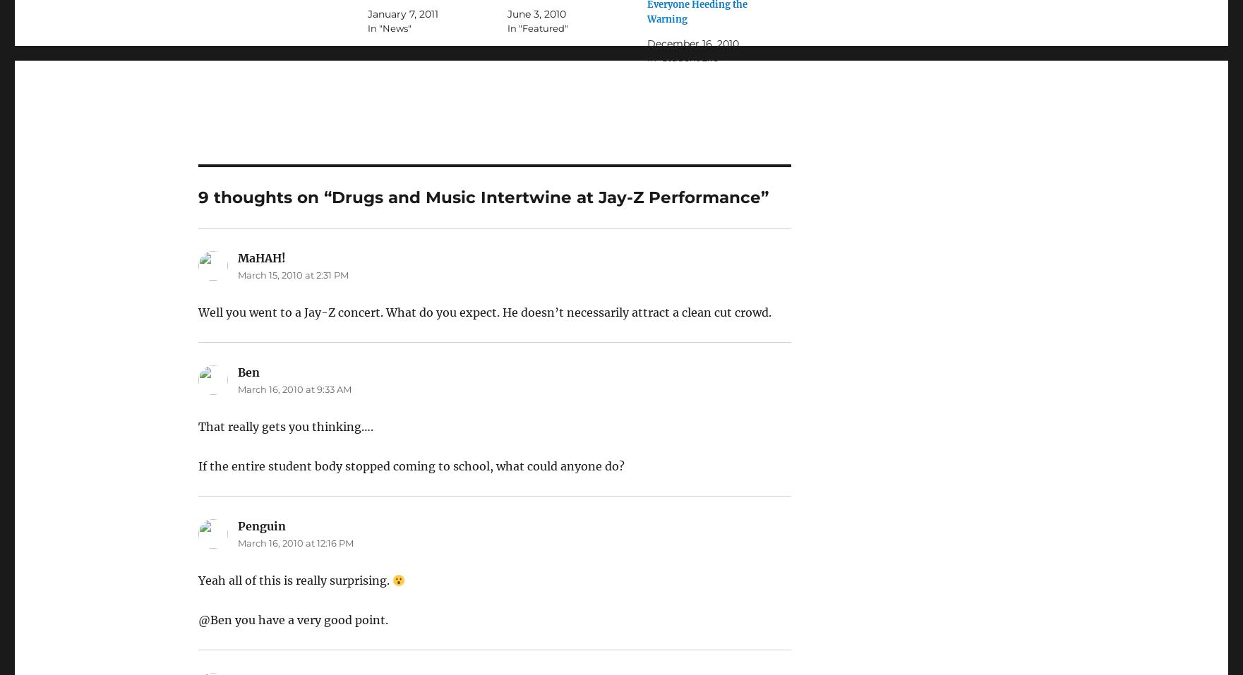 The height and width of the screenshot is (675, 1243). Describe the element at coordinates (294, 542) in the screenshot. I see `'March 16, 2010 at 12:16 PM'` at that location.